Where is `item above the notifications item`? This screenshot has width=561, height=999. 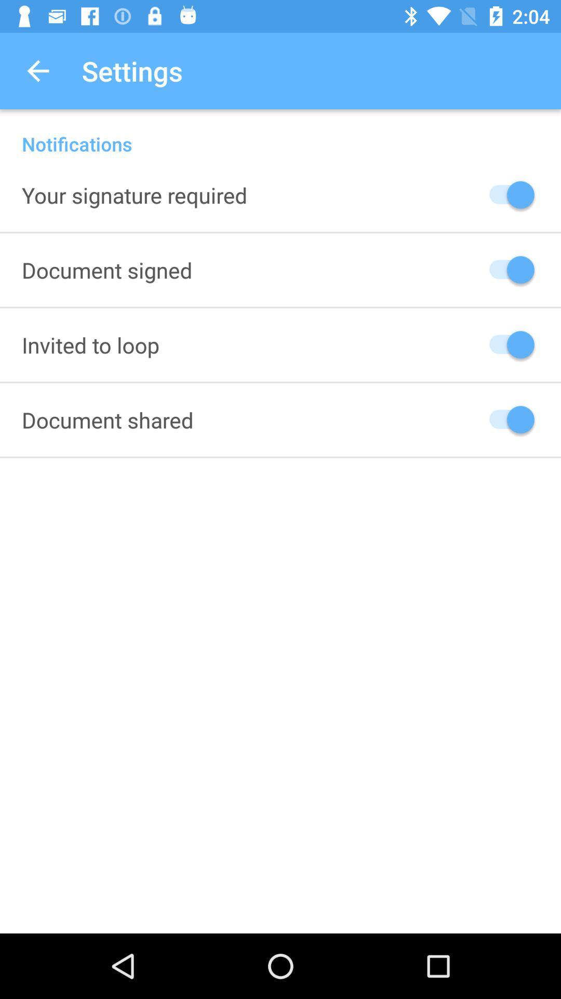
item above the notifications item is located at coordinates (37, 70).